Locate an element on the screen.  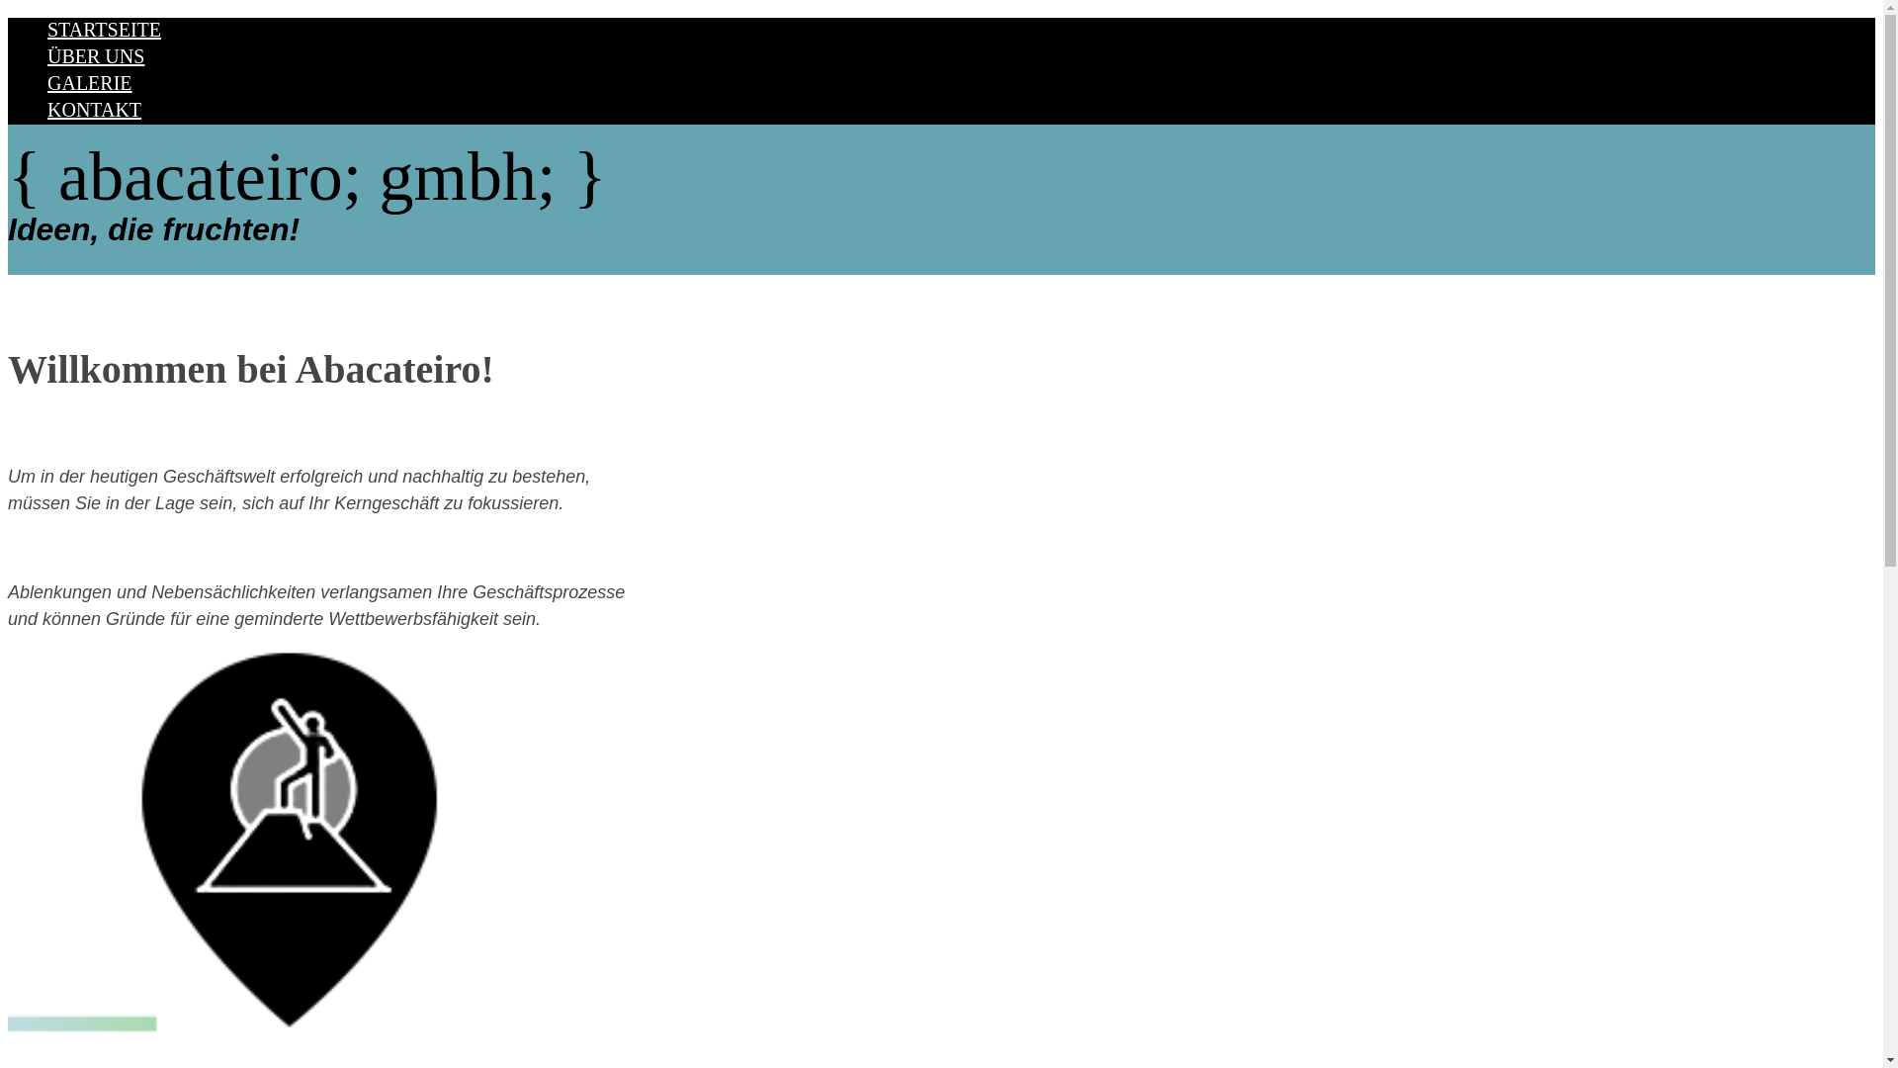
'STARTSEITE' is located at coordinates (47, 30).